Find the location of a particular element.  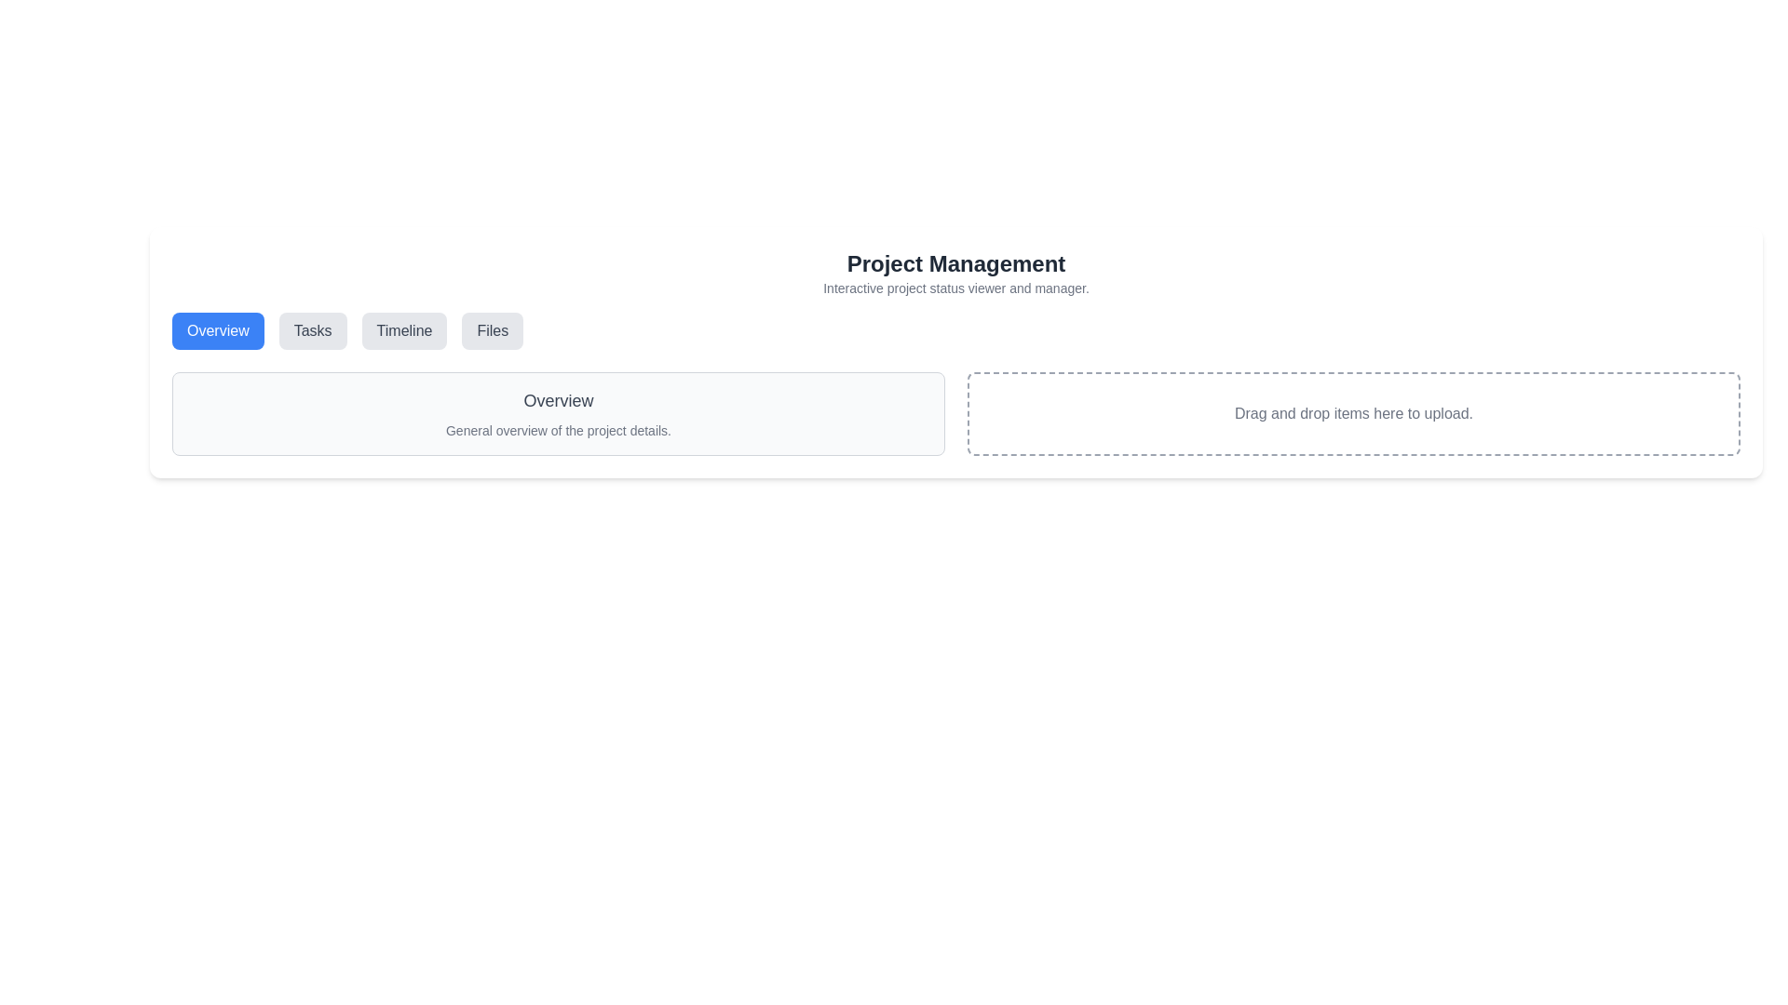

the 'Timeline' button, which is a rectangular button with rounded corners and a light gray background is located at coordinates (403, 329).